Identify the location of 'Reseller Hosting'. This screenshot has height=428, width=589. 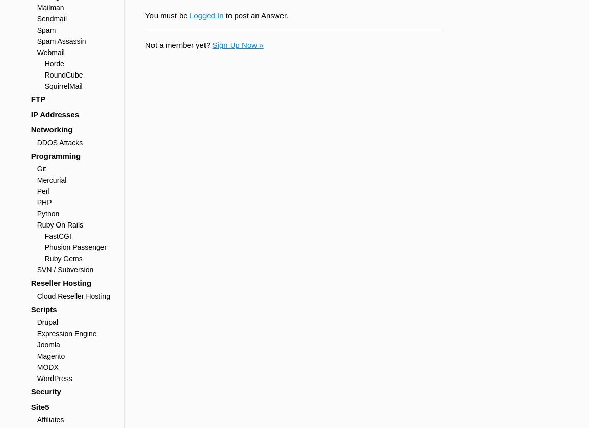
(61, 282).